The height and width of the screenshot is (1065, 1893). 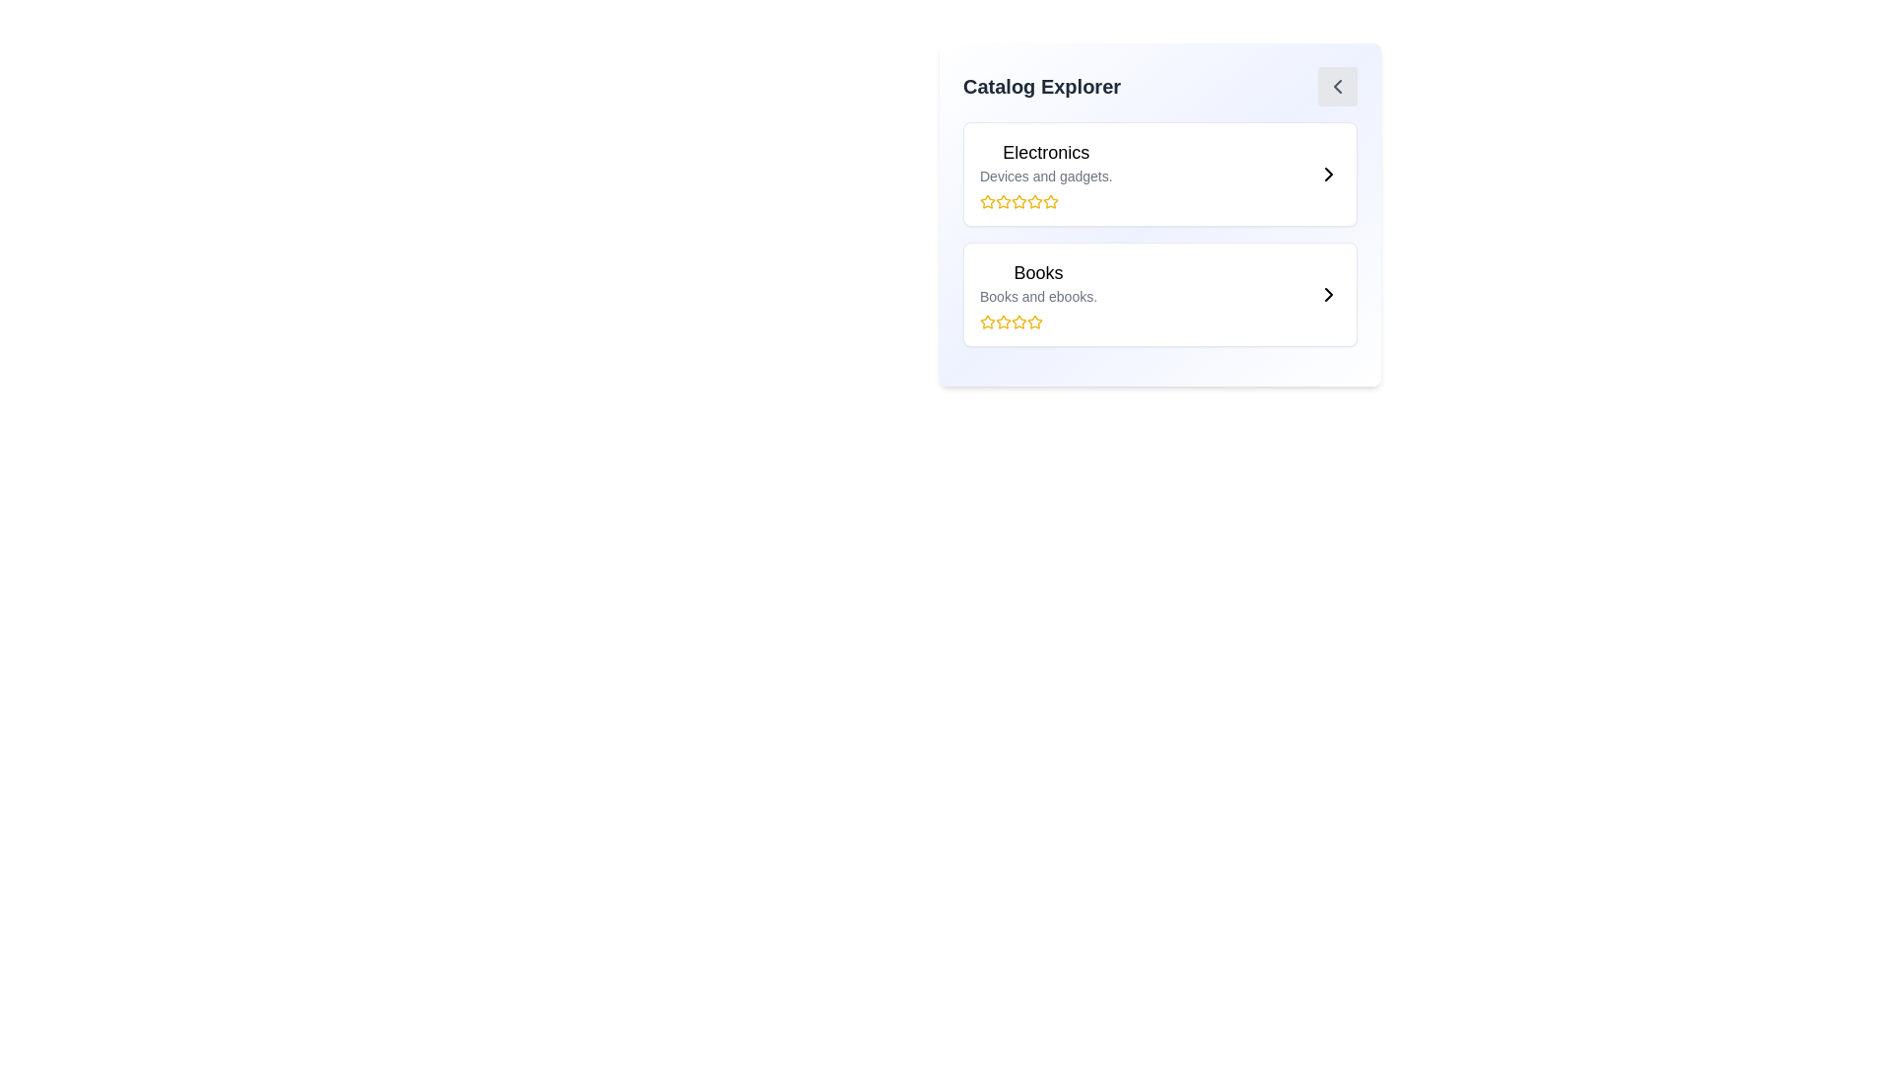 I want to click on the left-pointing chevron icon within the button in the top-right corner of the 'Catalog Explorer' card, so click(x=1338, y=86).